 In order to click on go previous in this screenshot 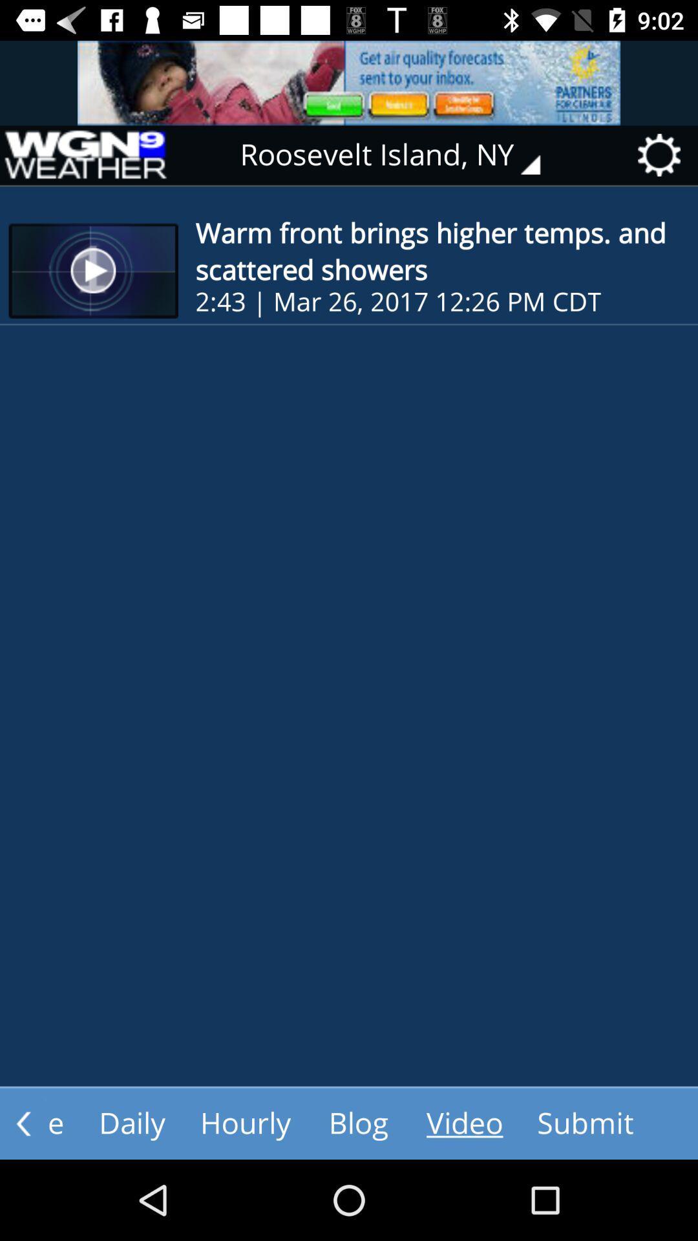, I will do `click(23, 1123)`.